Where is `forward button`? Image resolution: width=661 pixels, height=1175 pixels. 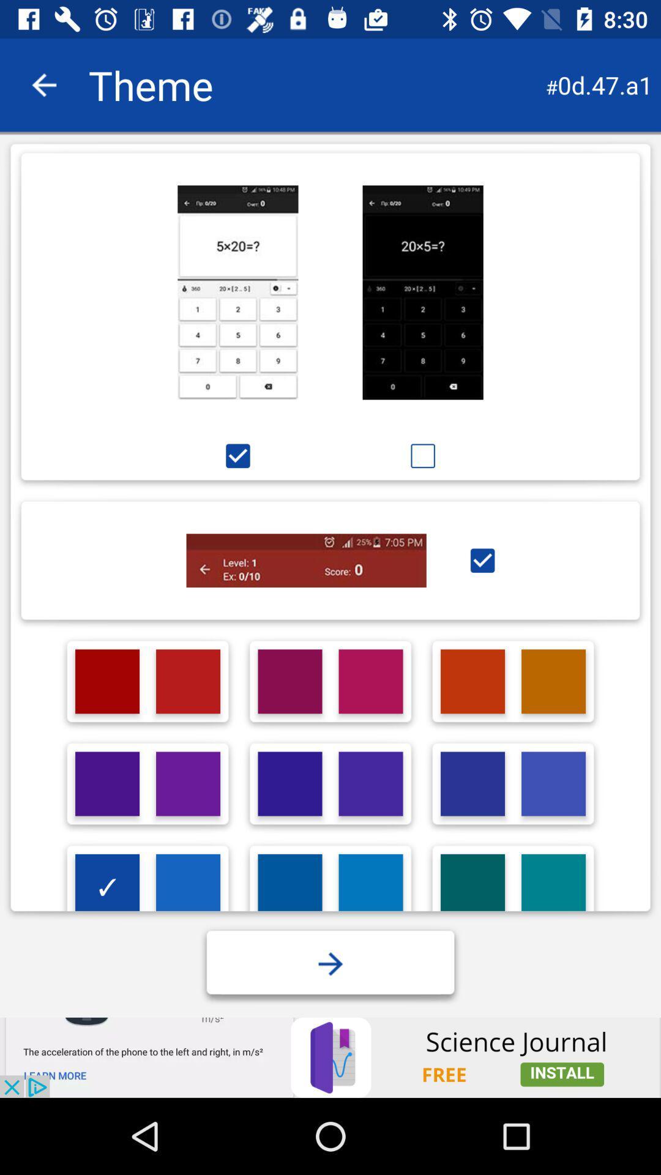
forward button is located at coordinates (330, 963).